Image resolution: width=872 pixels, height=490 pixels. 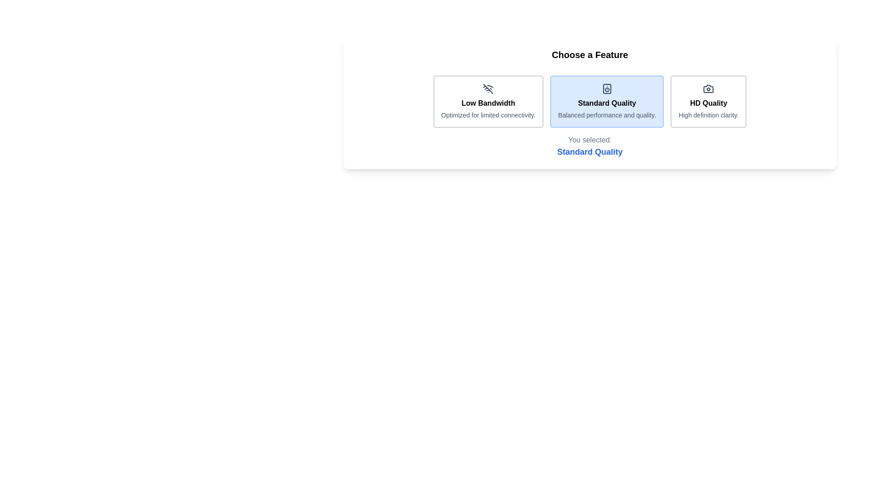 What do you see at coordinates (708, 103) in the screenshot?
I see `the 'HD Quality' text label which is located within the third feature selection card, styled in bold black font and positioned above the descriptive text 'High definition clarity.'` at bounding box center [708, 103].